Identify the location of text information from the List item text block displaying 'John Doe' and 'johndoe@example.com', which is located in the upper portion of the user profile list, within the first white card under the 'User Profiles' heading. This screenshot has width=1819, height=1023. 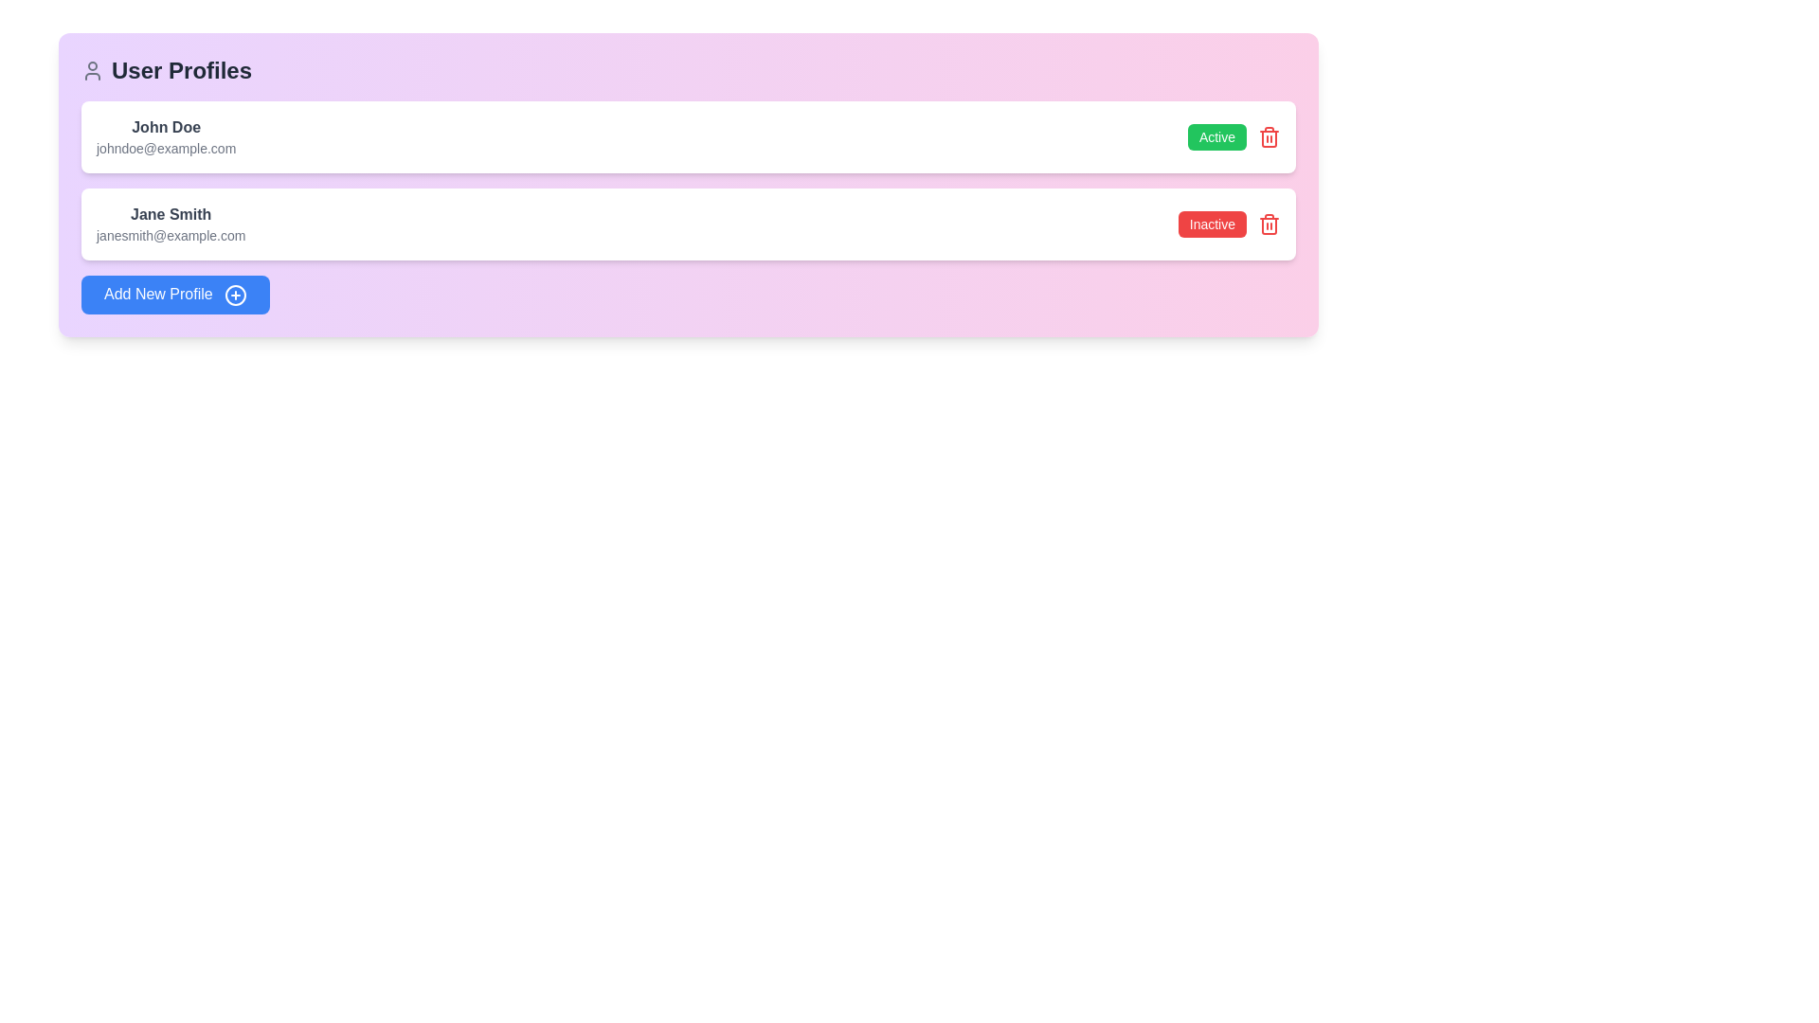
(166, 136).